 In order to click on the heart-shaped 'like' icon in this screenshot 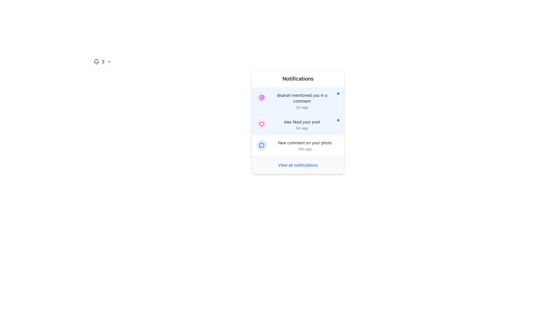, I will do `click(261, 124)`.